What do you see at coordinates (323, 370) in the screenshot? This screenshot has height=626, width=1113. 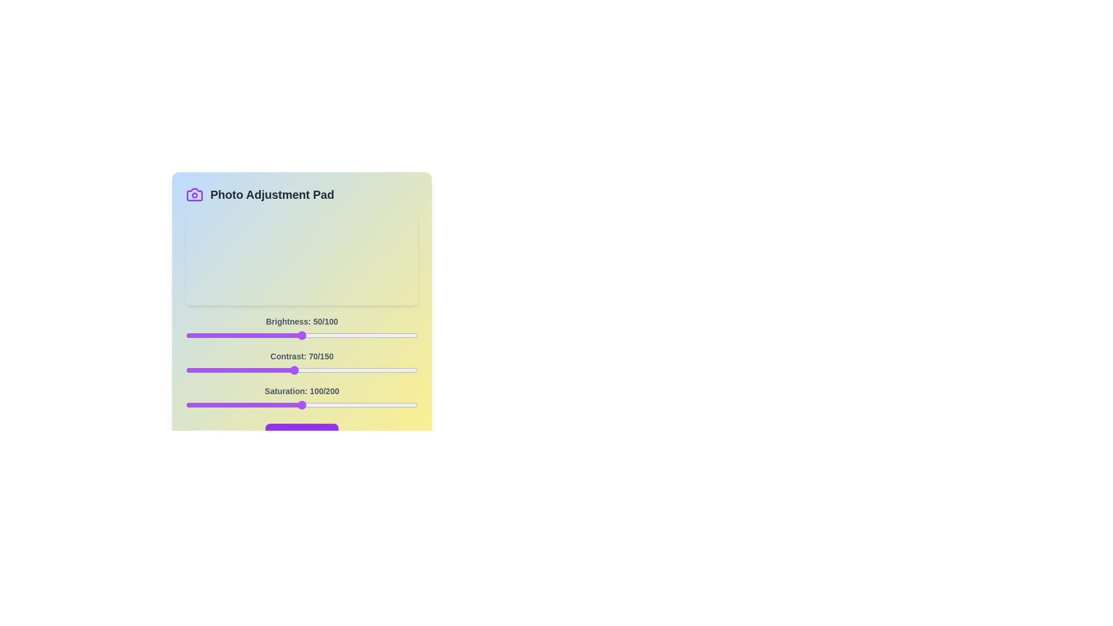 I see `the 1 slider to 89` at bounding box center [323, 370].